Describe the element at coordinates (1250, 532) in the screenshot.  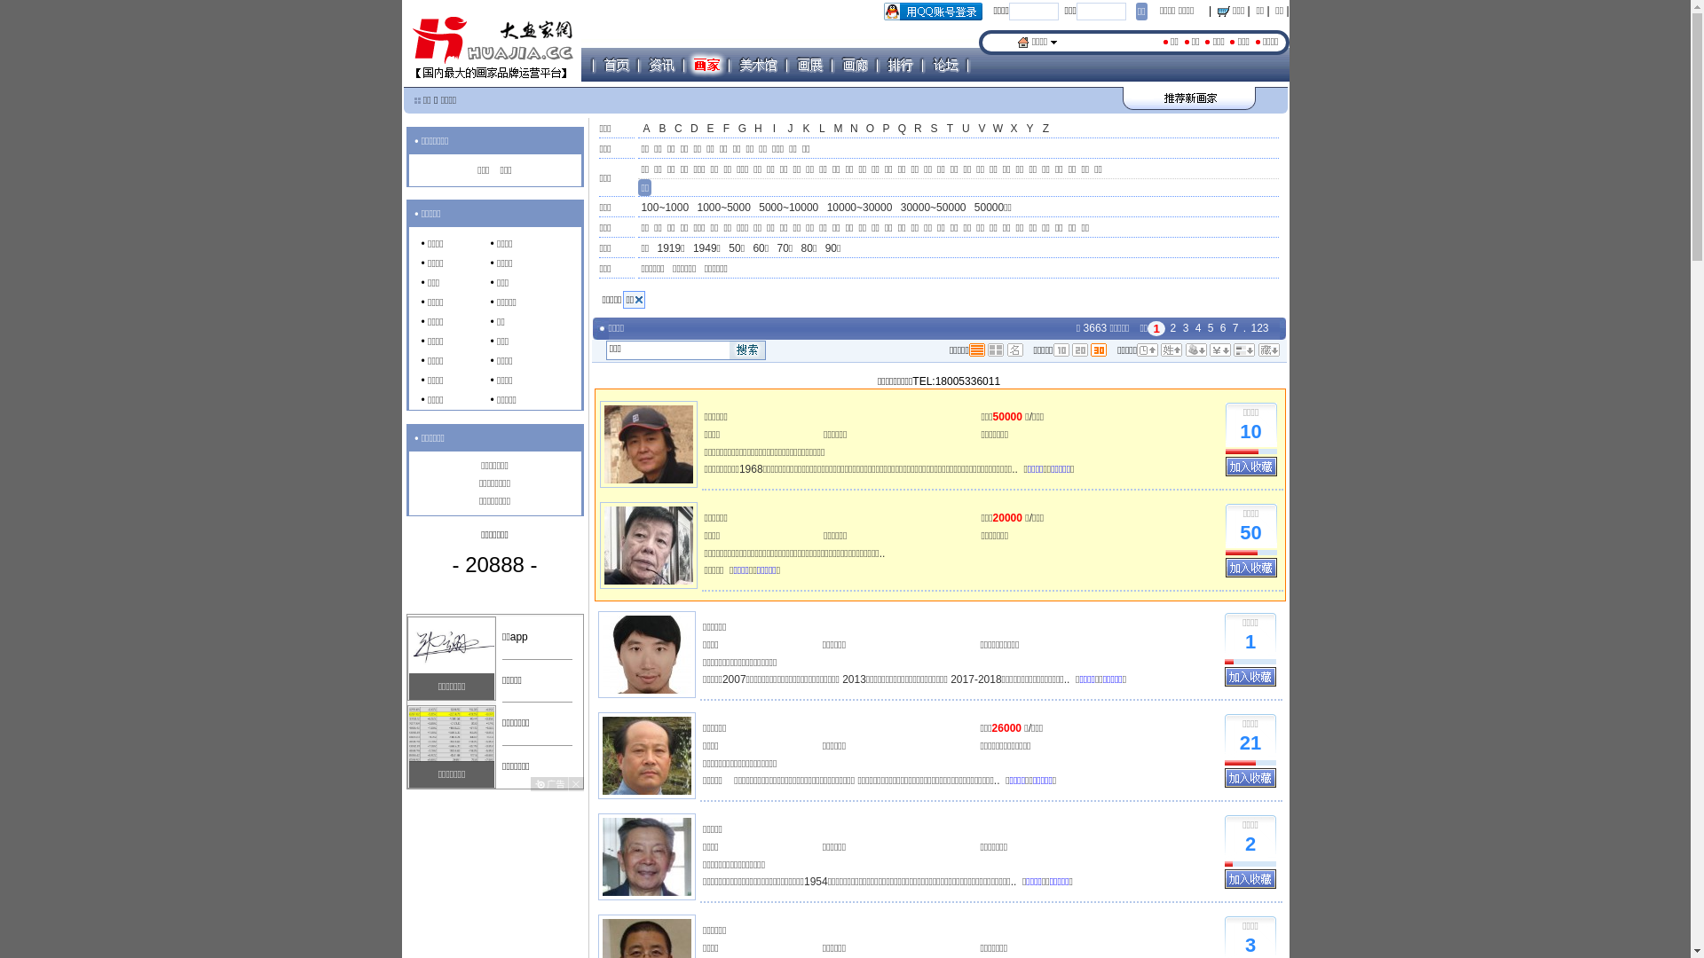
I see `'50'` at that location.